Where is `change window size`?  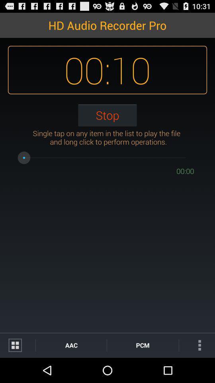
change window size is located at coordinates (18, 345).